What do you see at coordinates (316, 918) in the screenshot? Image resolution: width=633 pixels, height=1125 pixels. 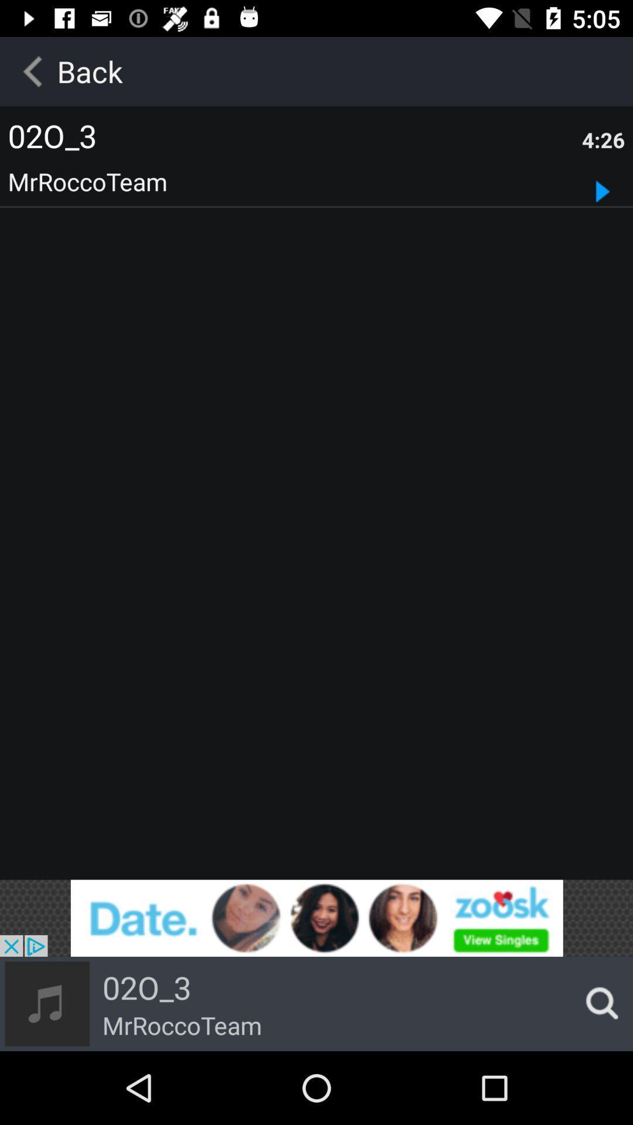 I see `advertising area` at bounding box center [316, 918].